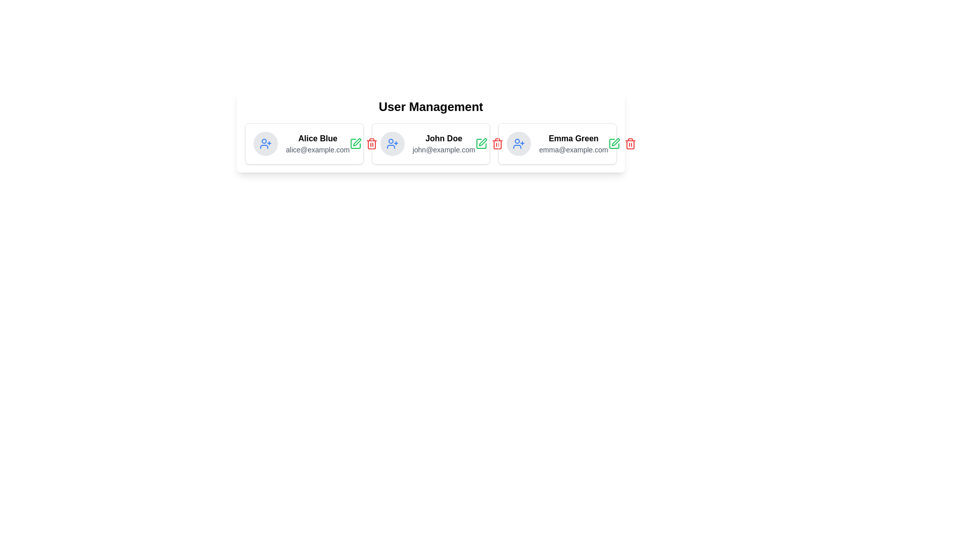 Image resolution: width=970 pixels, height=545 pixels. What do you see at coordinates (613, 144) in the screenshot?
I see `the visual representation of the edit icon, which is a square with rounded corners and a pen, located in the user card area next to Emma Green's name and email` at bounding box center [613, 144].